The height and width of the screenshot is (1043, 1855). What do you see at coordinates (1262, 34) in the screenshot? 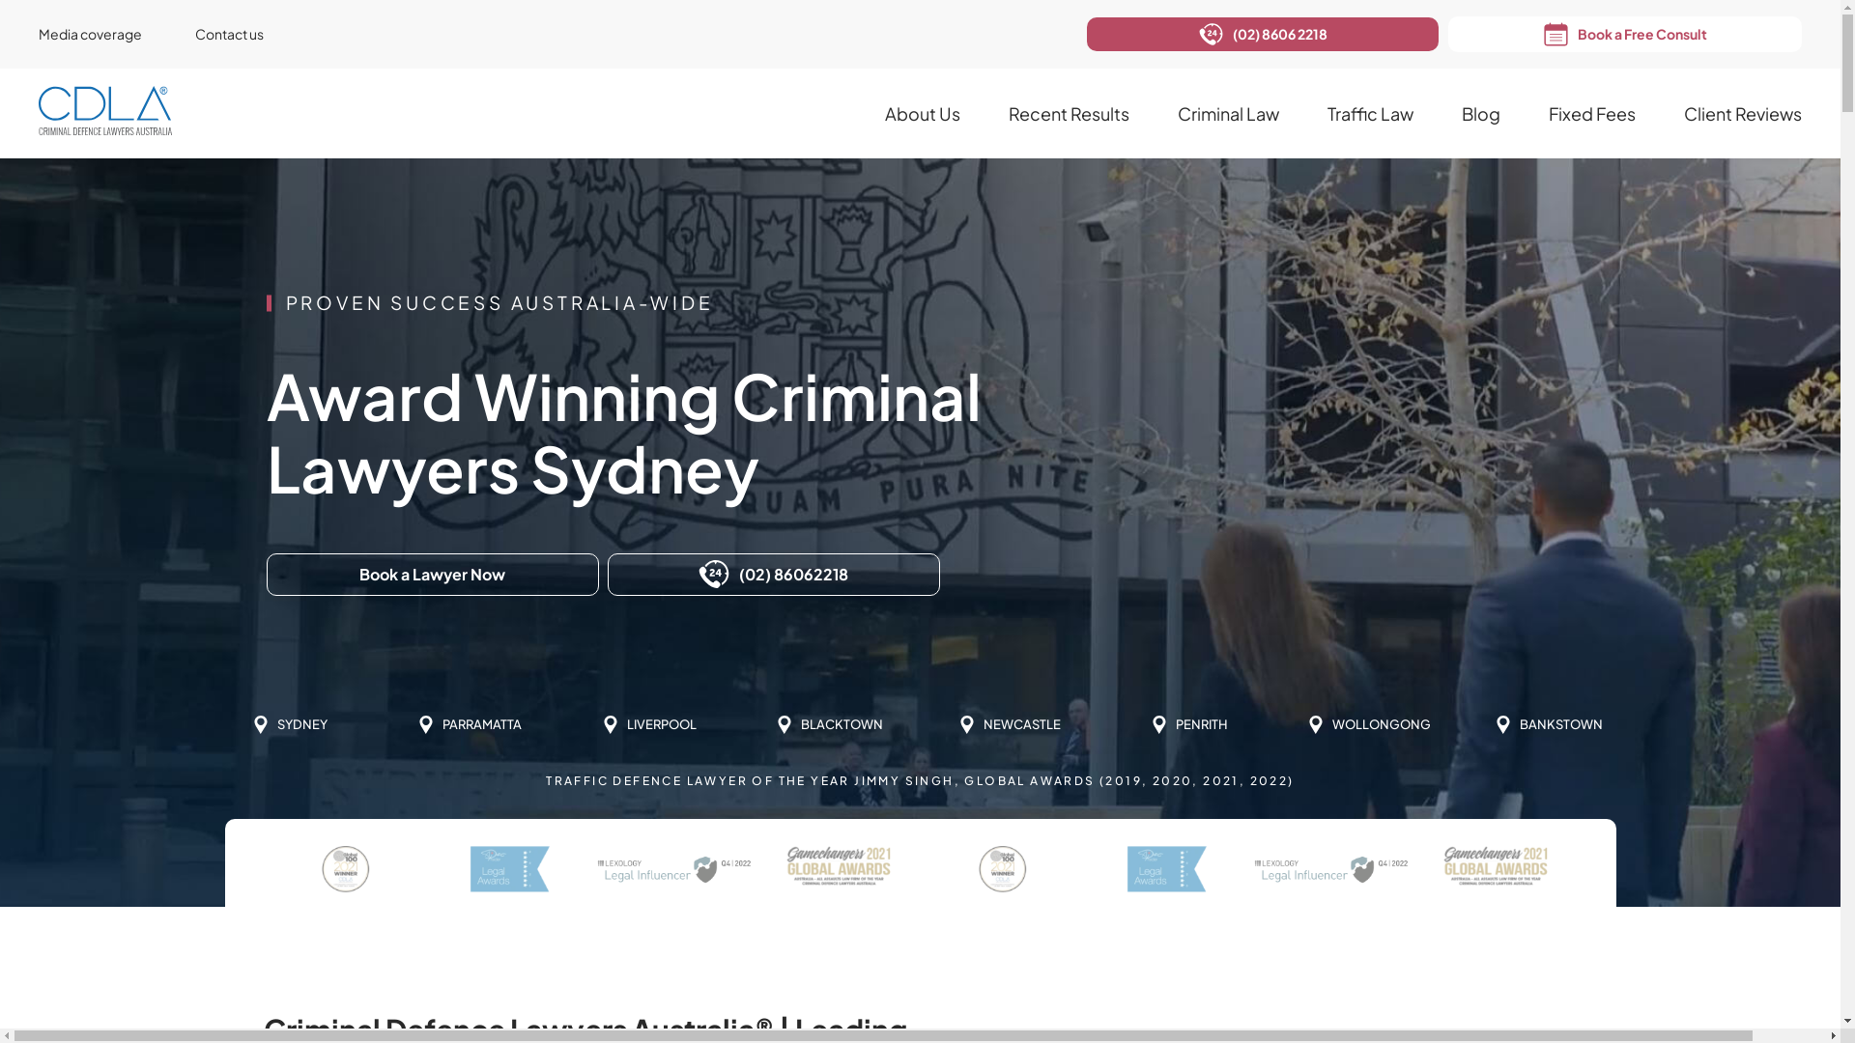
I see `'(02) 8606 2218'` at bounding box center [1262, 34].